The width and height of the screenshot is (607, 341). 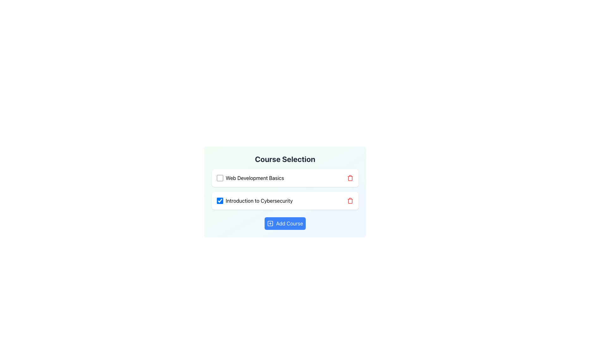 What do you see at coordinates (255, 201) in the screenshot?
I see `the text label of the course selection checkbox component located between 'Web Development Basics' and 'Add Course'` at bounding box center [255, 201].